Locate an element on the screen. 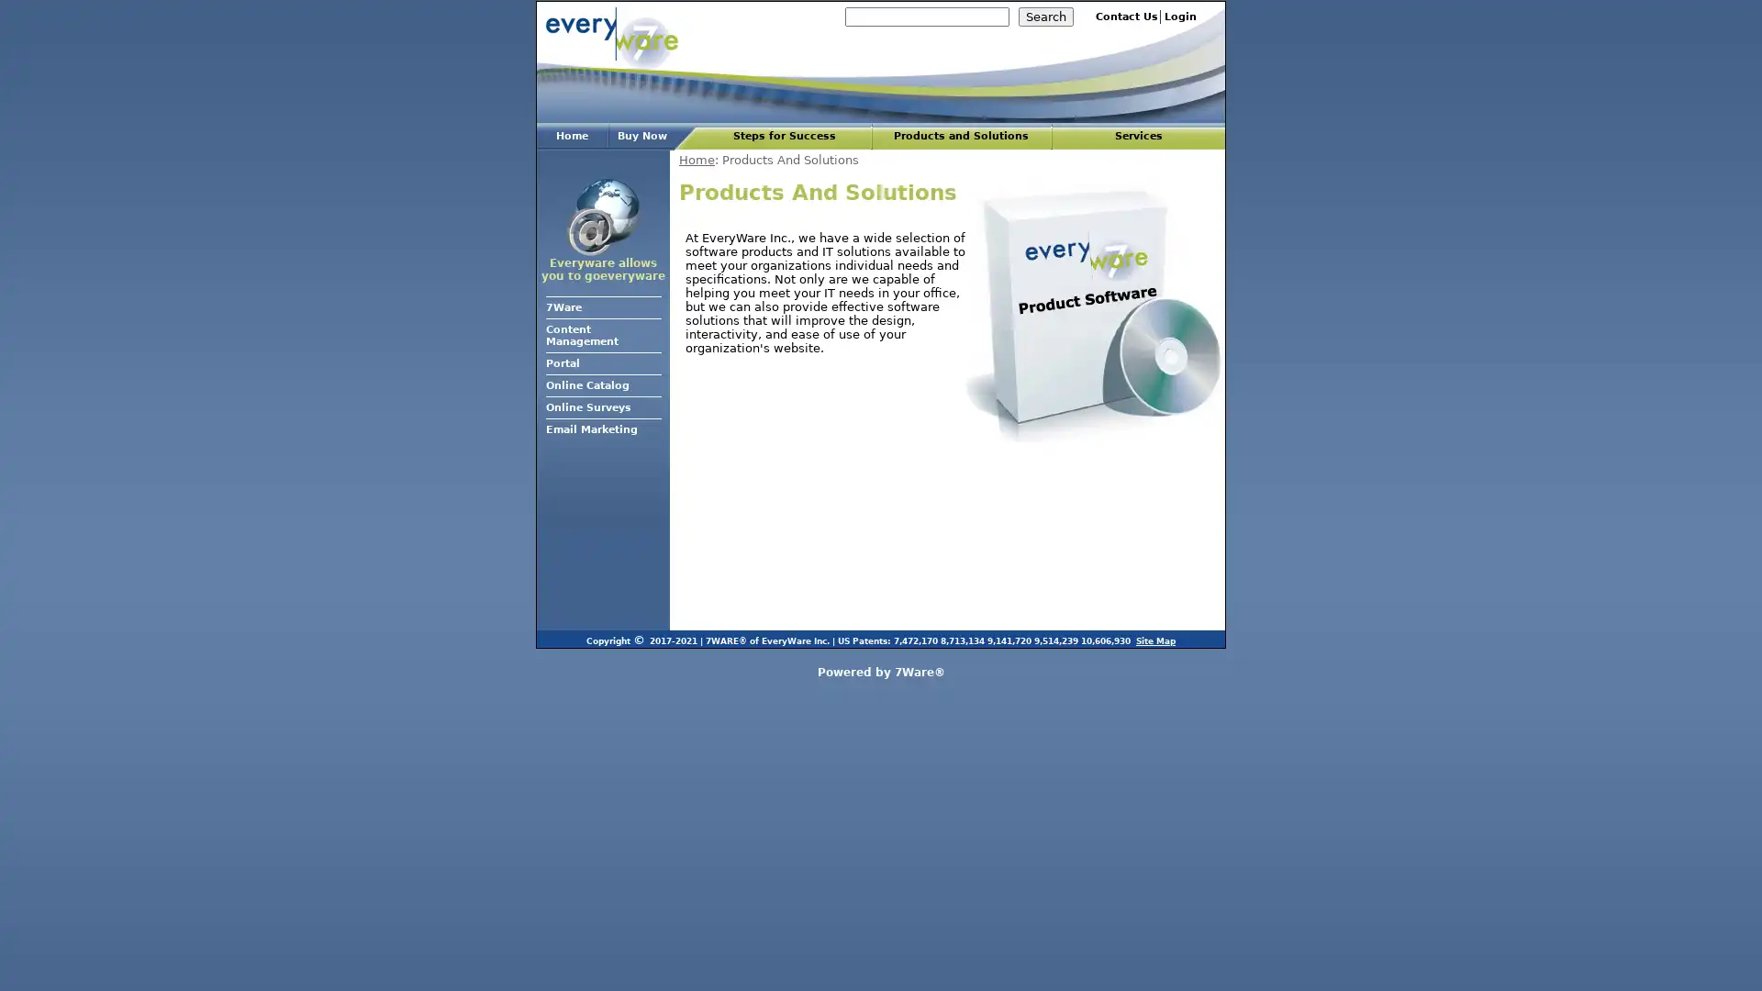 The width and height of the screenshot is (1762, 991). Search is located at coordinates (1046, 17).